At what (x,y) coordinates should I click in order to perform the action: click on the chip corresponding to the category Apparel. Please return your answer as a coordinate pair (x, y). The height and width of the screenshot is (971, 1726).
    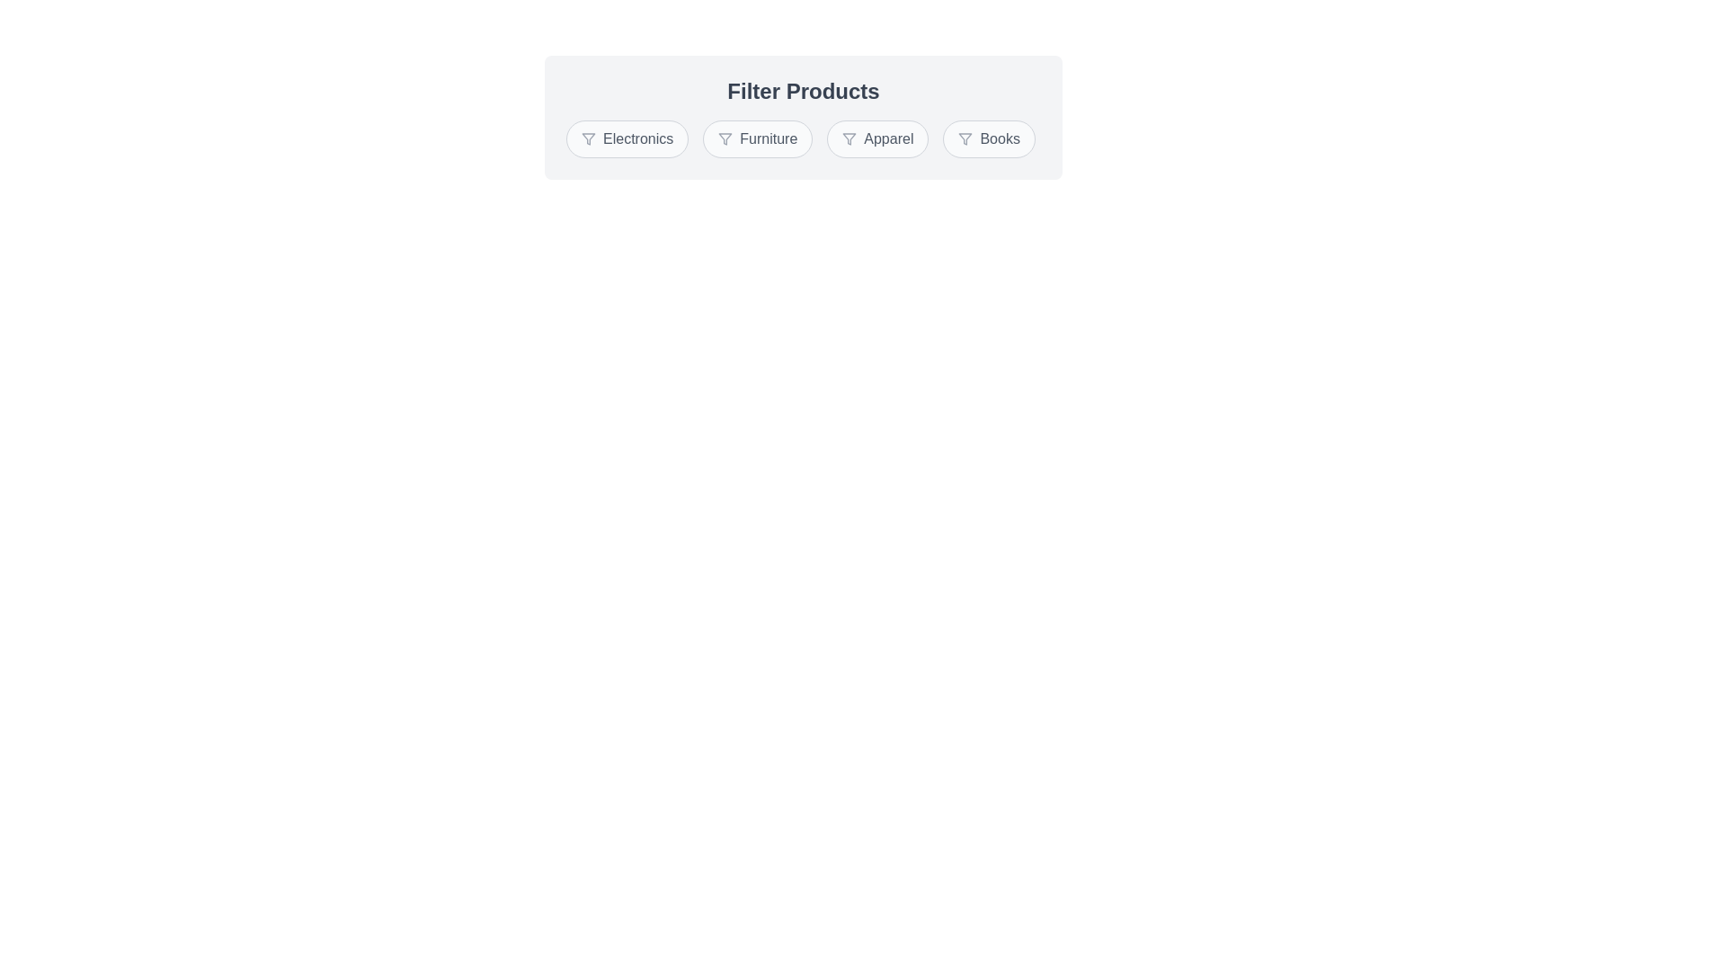
    Looking at the image, I should click on (877, 138).